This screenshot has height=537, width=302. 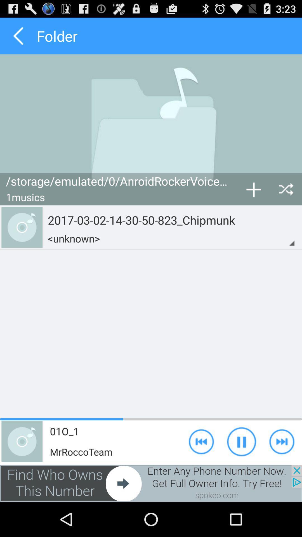 What do you see at coordinates (18, 36) in the screenshot?
I see `for back` at bounding box center [18, 36].